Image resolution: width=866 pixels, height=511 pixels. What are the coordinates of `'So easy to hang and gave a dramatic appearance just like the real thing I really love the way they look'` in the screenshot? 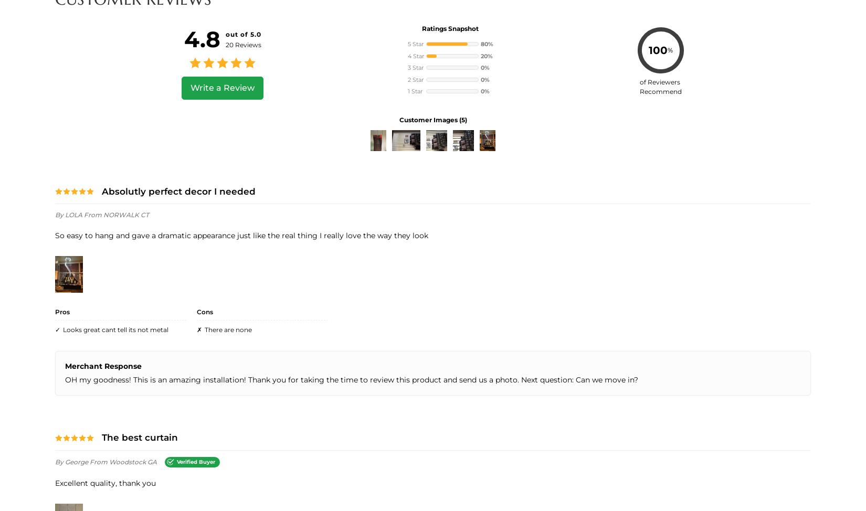 It's located at (241, 235).